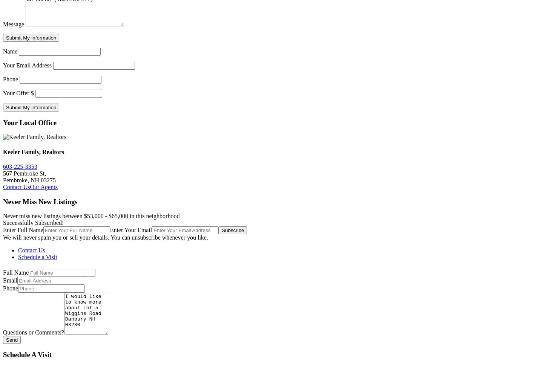 This screenshot has width=543, height=365. I want to click on 'NH', so click(35, 180).